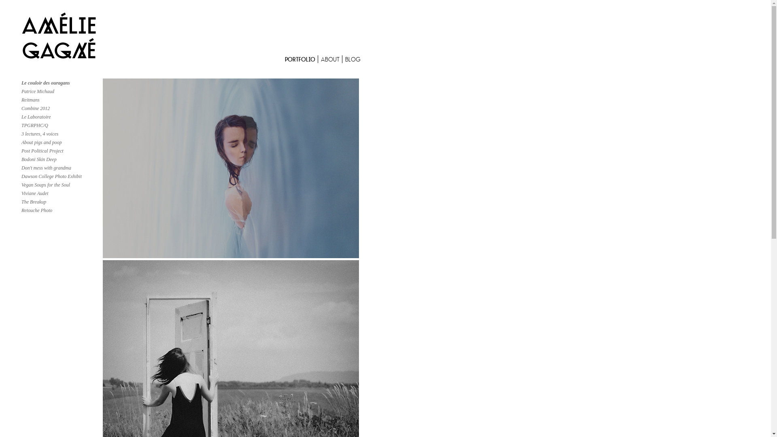 The image size is (777, 437). I want to click on 'Combine 2012', so click(21, 108).